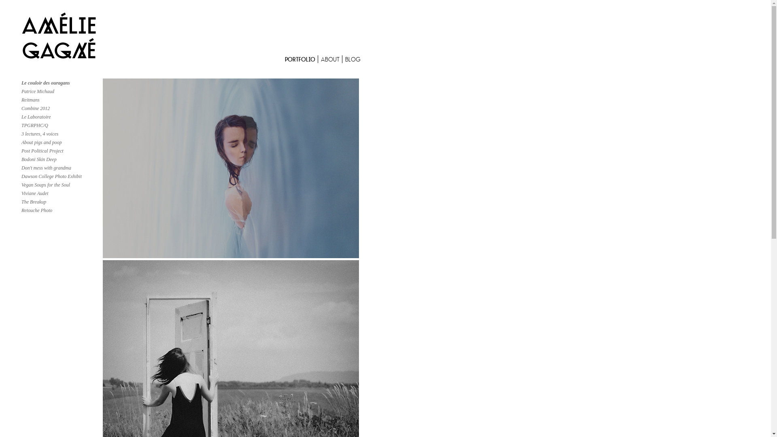 The image size is (777, 437). I want to click on 'Combine 2012', so click(21, 108).